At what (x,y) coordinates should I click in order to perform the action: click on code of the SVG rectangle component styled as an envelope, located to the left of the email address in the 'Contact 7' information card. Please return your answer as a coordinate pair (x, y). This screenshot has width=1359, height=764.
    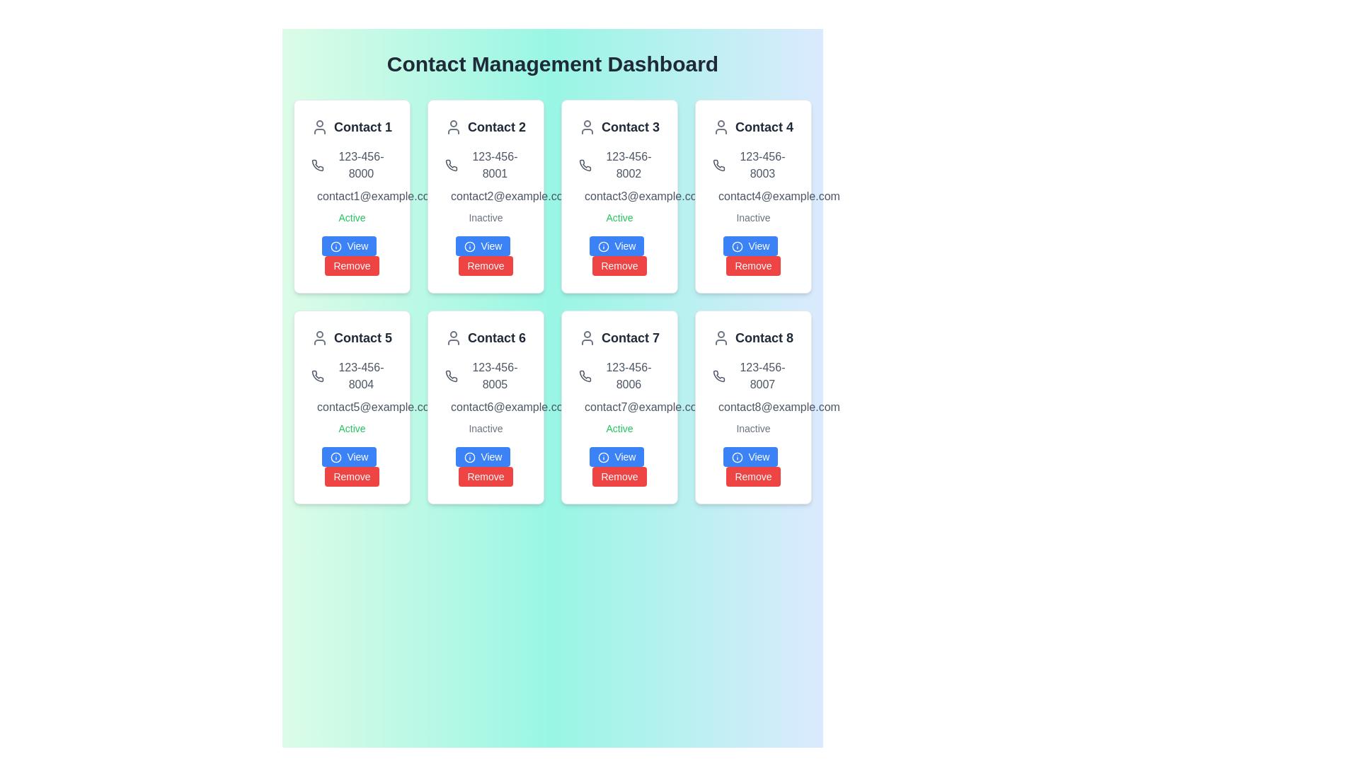
    Looking at the image, I should click on (587, 409).